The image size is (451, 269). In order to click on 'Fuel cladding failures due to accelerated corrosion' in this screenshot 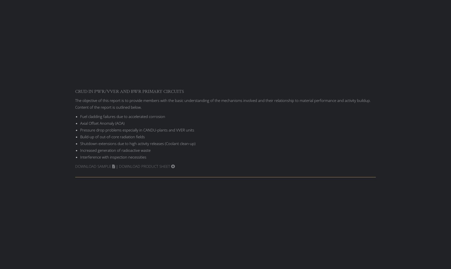, I will do `click(122, 116)`.